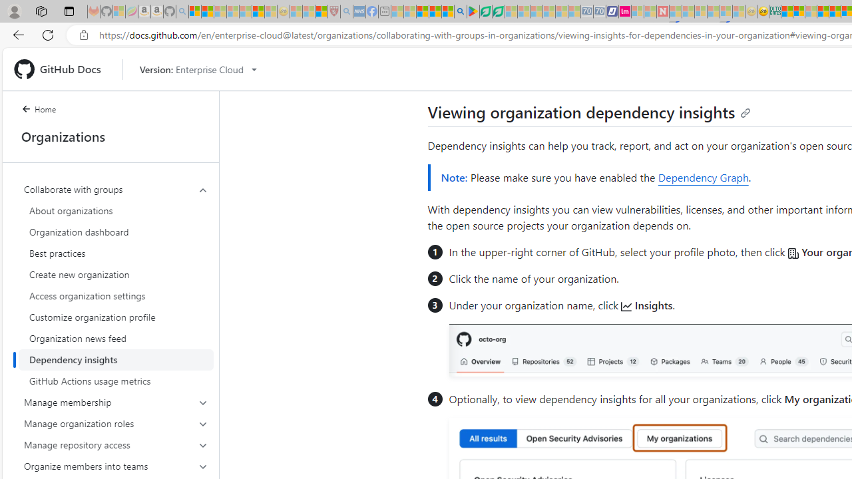 The height and width of the screenshot is (479, 852). I want to click on 'Dependency insights', so click(116, 360).